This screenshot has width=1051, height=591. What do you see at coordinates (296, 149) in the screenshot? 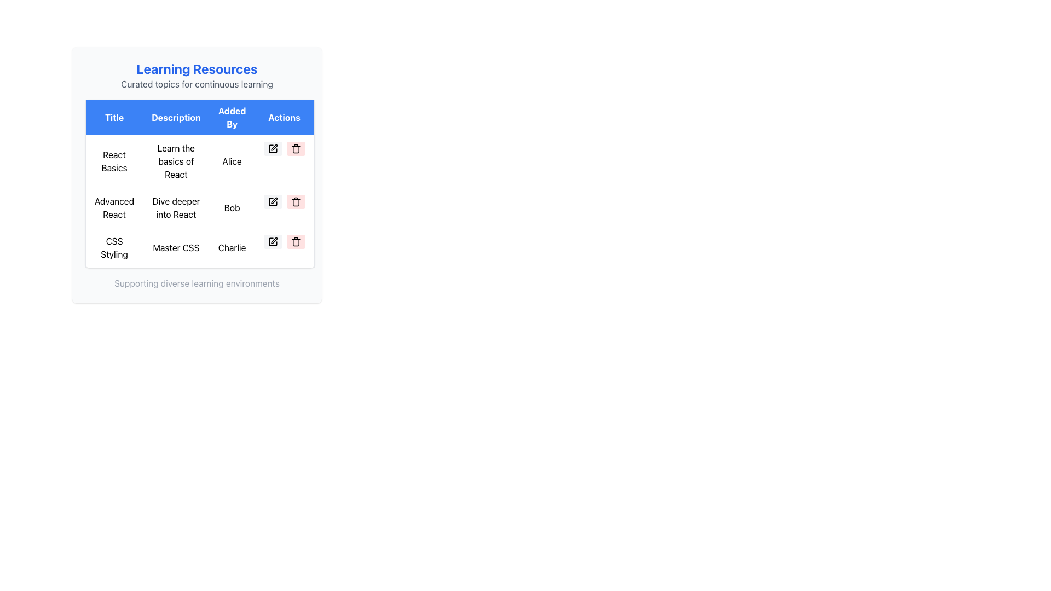
I see `the delete button in the 'Actions' column of the table row for 'React Basics' to observe the hover effect` at bounding box center [296, 149].